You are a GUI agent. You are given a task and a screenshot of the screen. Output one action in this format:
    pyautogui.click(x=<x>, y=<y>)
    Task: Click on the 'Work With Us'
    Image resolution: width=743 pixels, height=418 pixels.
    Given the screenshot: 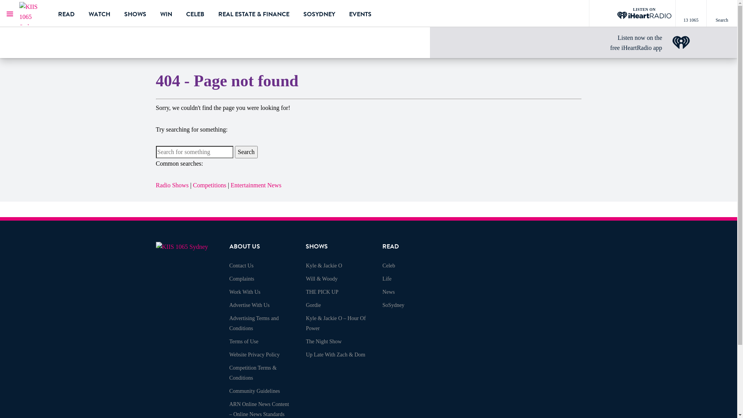 What is the action you would take?
    pyautogui.click(x=244, y=292)
    